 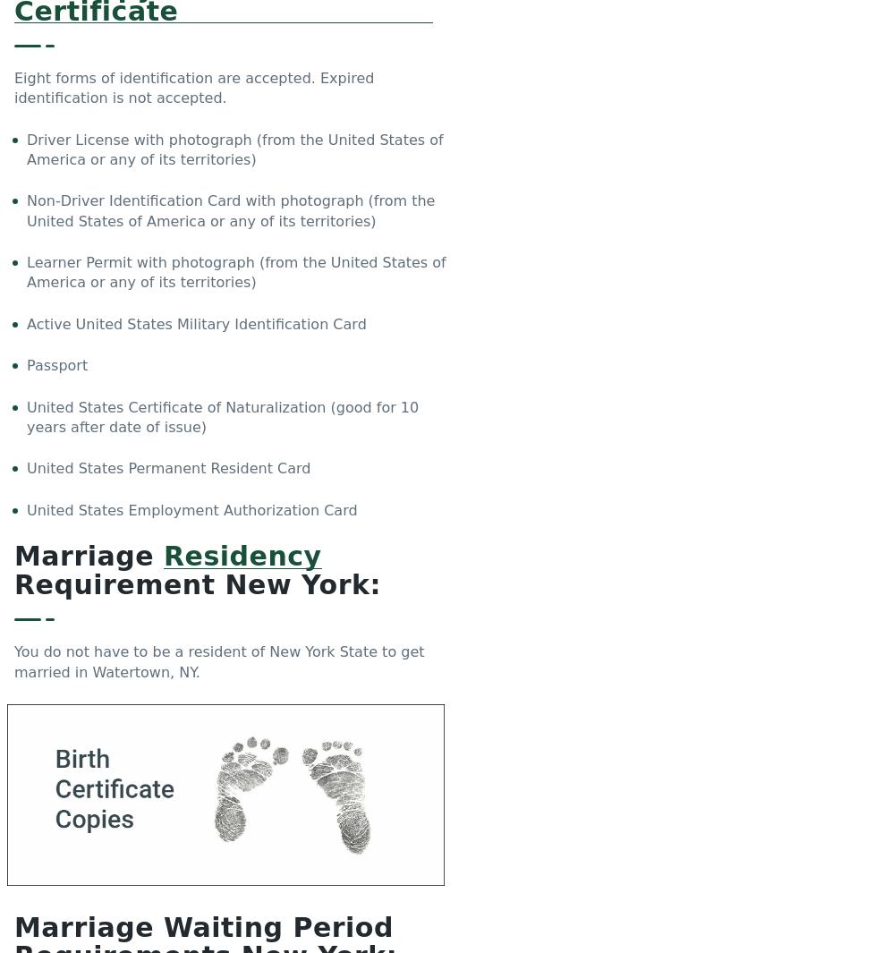 What do you see at coordinates (27, 416) in the screenshot?
I see `'United States Certificate of Naturalization (good for 10 years after date of issue)'` at bounding box center [27, 416].